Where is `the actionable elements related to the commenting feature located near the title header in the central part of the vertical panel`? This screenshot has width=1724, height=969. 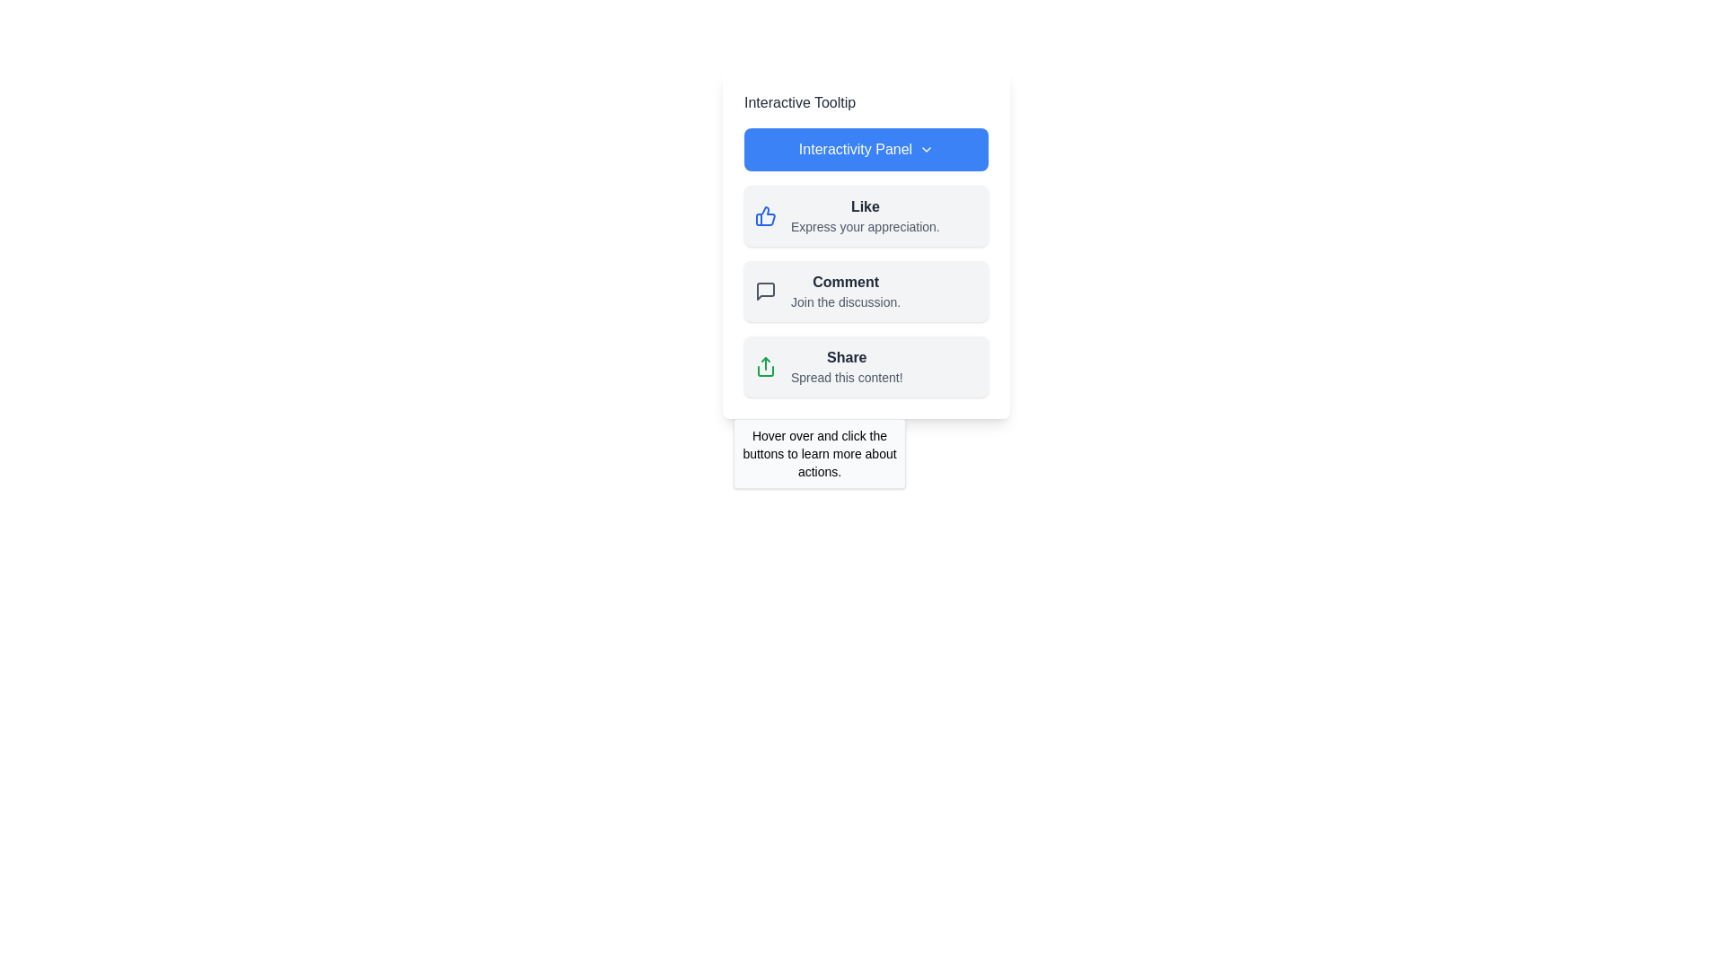
the actionable elements related to the commenting feature located near the title header in the central part of the vertical panel is located at coordinates (844, 283).